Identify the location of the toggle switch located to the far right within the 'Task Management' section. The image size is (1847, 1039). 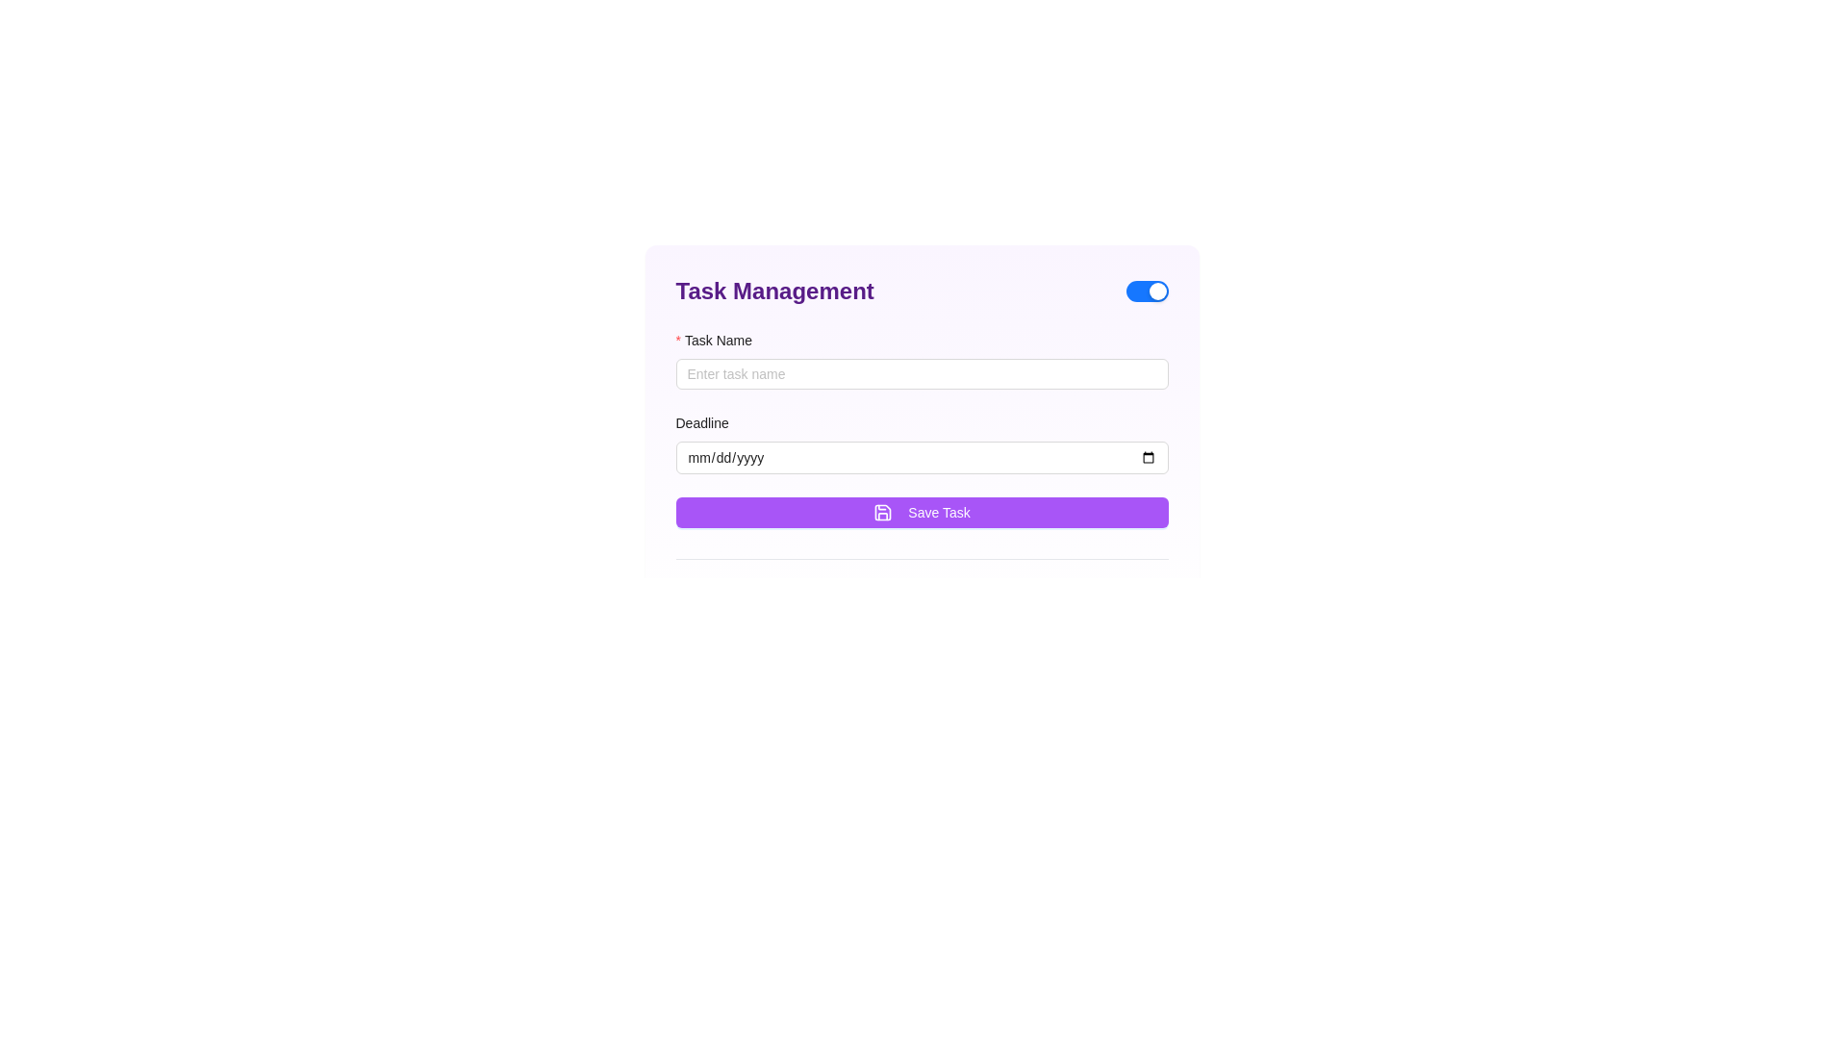
(1147, 291).